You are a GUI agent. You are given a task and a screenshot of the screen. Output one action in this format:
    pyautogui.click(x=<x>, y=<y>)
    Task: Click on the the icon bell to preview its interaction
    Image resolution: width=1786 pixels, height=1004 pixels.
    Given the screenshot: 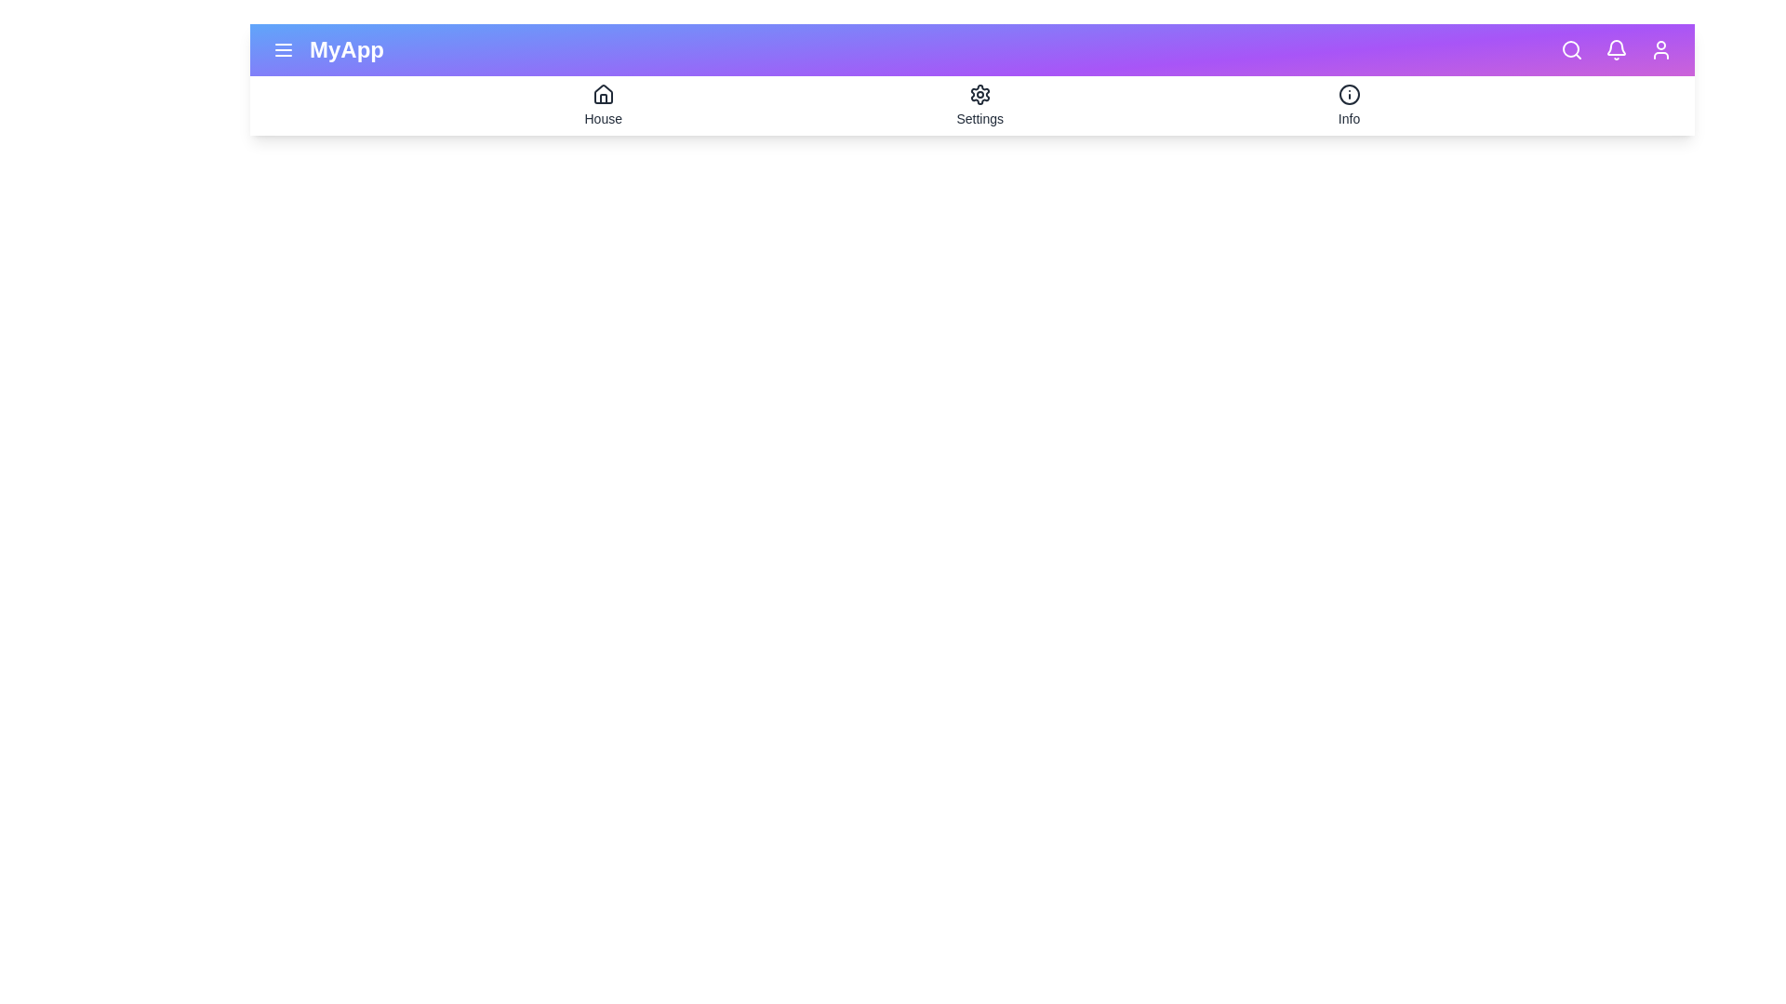 What is the action you would take?
    pyautogui.click(x=1615, y=49)
    